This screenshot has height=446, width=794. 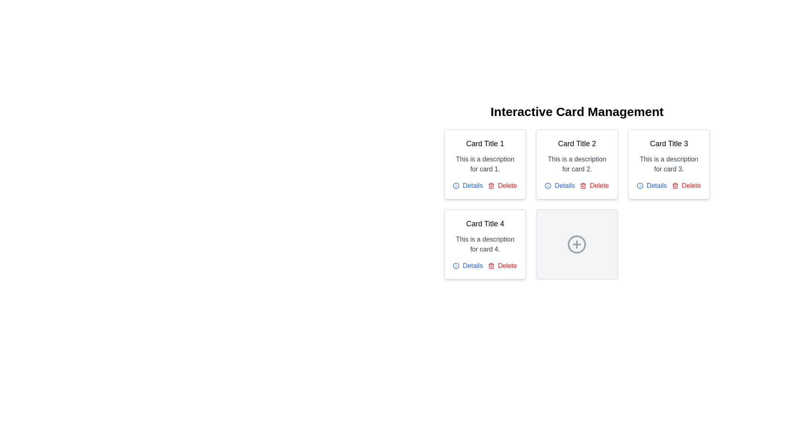 I want to click on the icon that indicates the 'Details' option, located to the left of the text 'Details' within the group of interactive elements associated with 'Card Title 4', so click(x=639, y=186).